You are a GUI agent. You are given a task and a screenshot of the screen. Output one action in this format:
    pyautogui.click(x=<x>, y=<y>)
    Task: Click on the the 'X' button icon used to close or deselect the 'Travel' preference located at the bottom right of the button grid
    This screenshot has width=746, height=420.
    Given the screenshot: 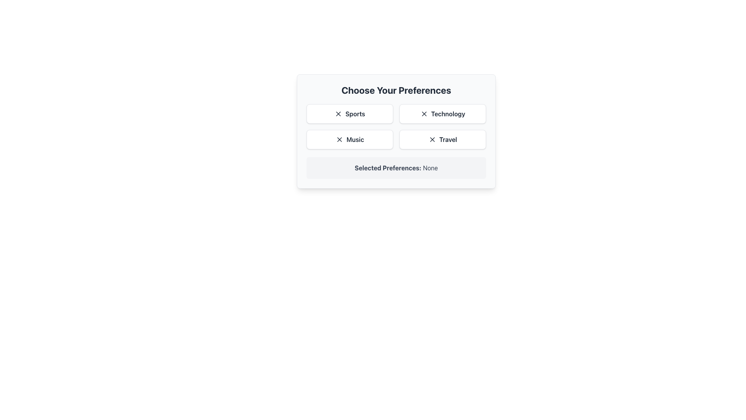 What is the action you would take?
    pyautogui.click(x=432, y=139)
    